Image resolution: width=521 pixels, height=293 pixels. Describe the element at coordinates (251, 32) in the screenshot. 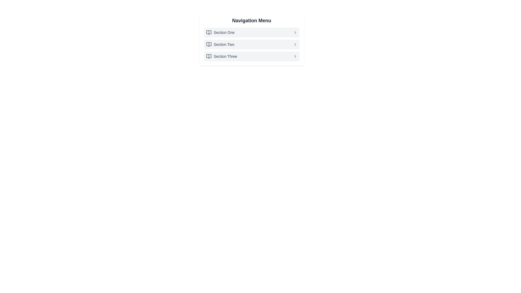

I see `the 'Section One' navigation button` at that location.